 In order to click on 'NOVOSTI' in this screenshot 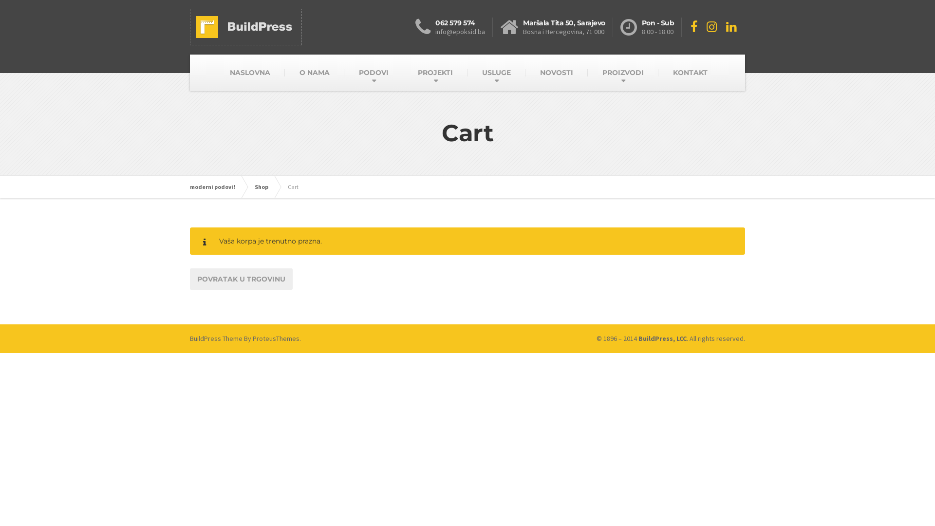, I will do `click(524, 72)`.